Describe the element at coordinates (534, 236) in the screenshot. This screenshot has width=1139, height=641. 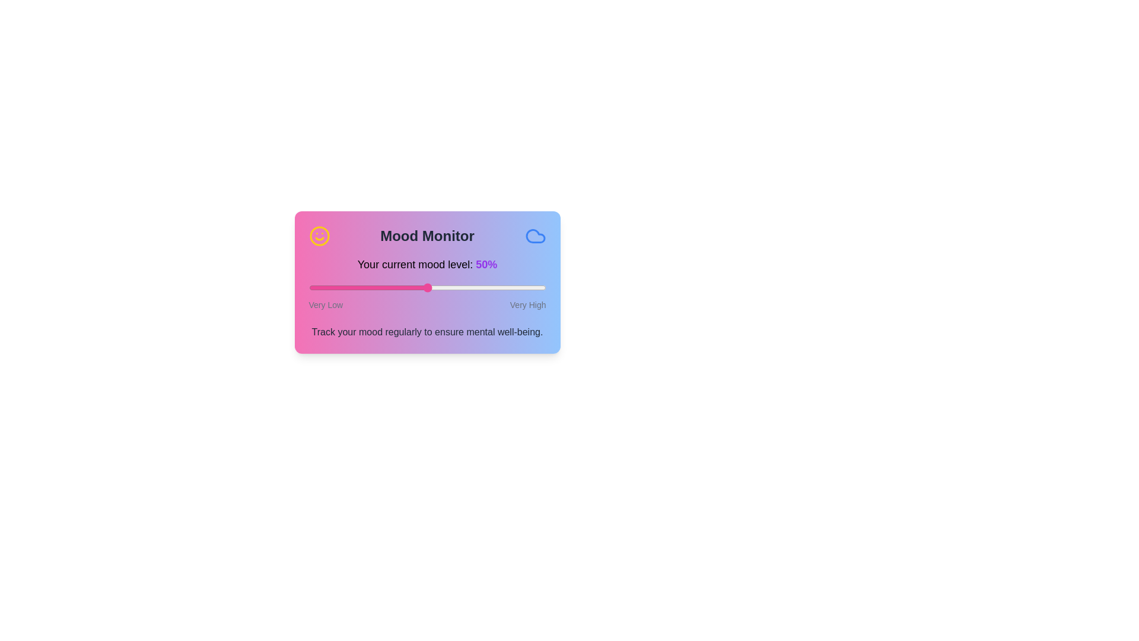
I see `the icon labeled cloud_icon to inspect its tooltip or hover effect` at that location.